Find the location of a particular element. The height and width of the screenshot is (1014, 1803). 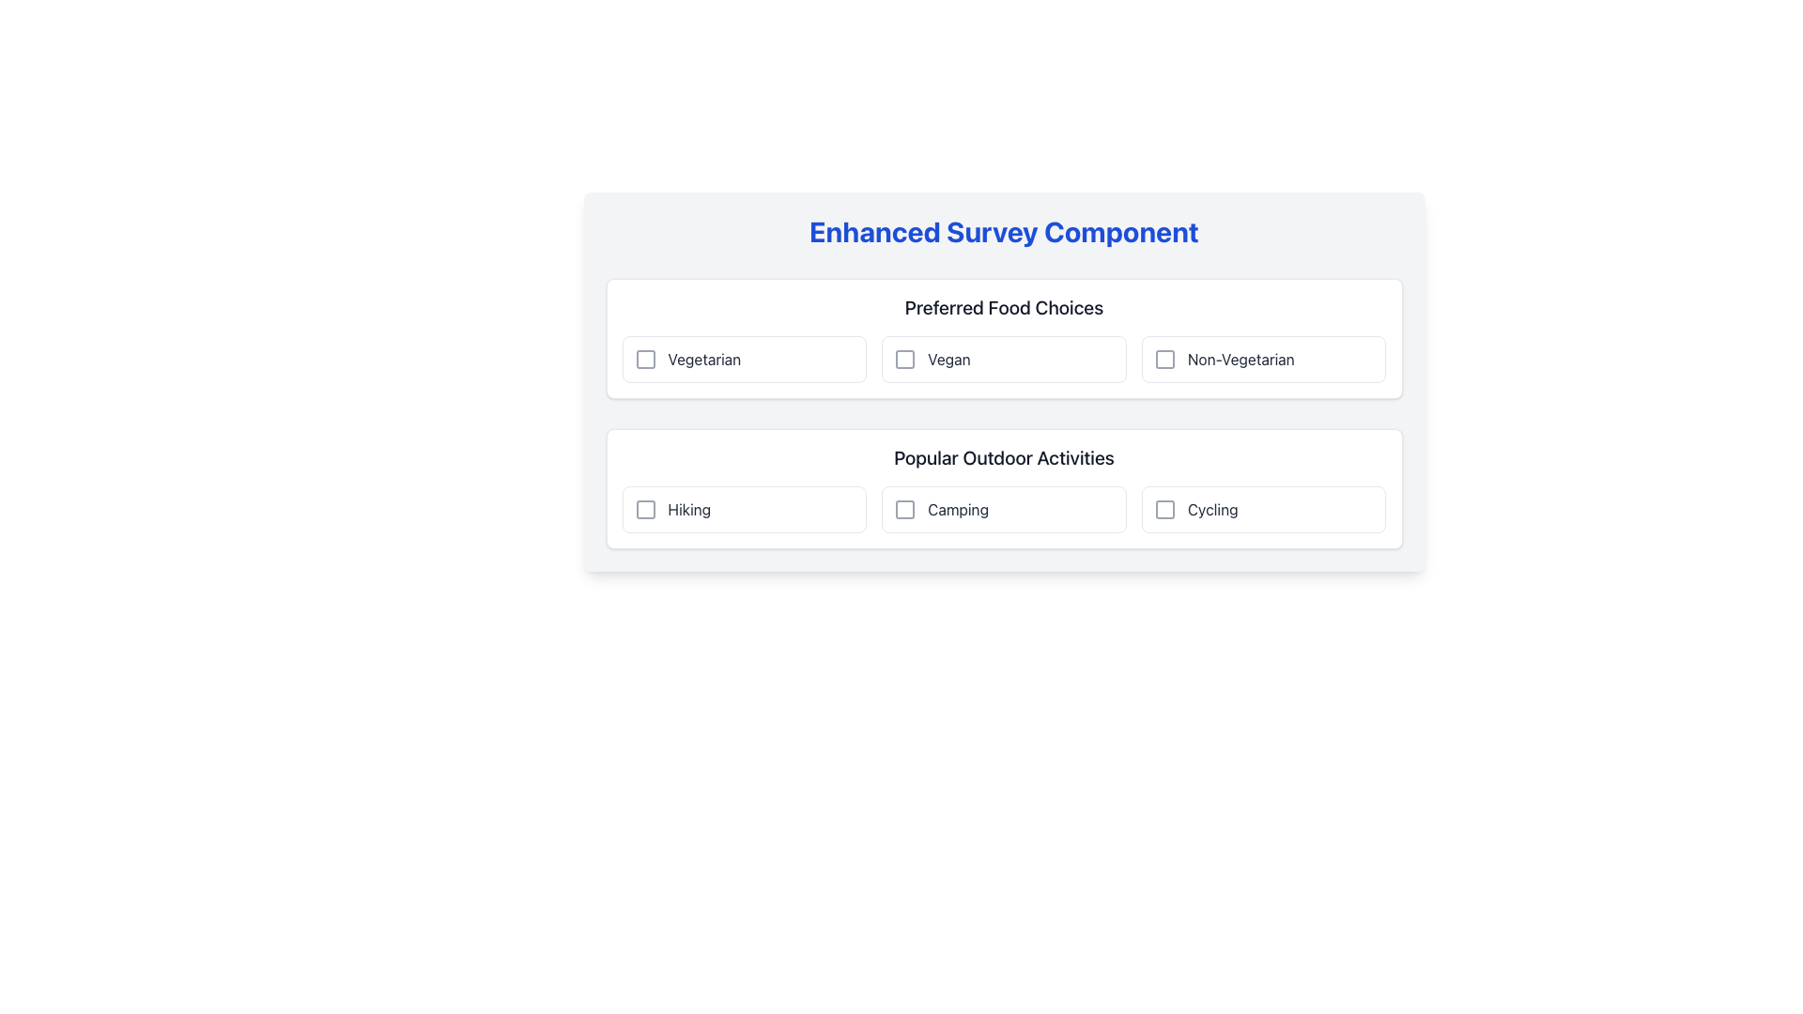

the checkbox for the 'Hiking' option in the 'Popular Outdoor Activities' section is located at coordinates (645, 510).